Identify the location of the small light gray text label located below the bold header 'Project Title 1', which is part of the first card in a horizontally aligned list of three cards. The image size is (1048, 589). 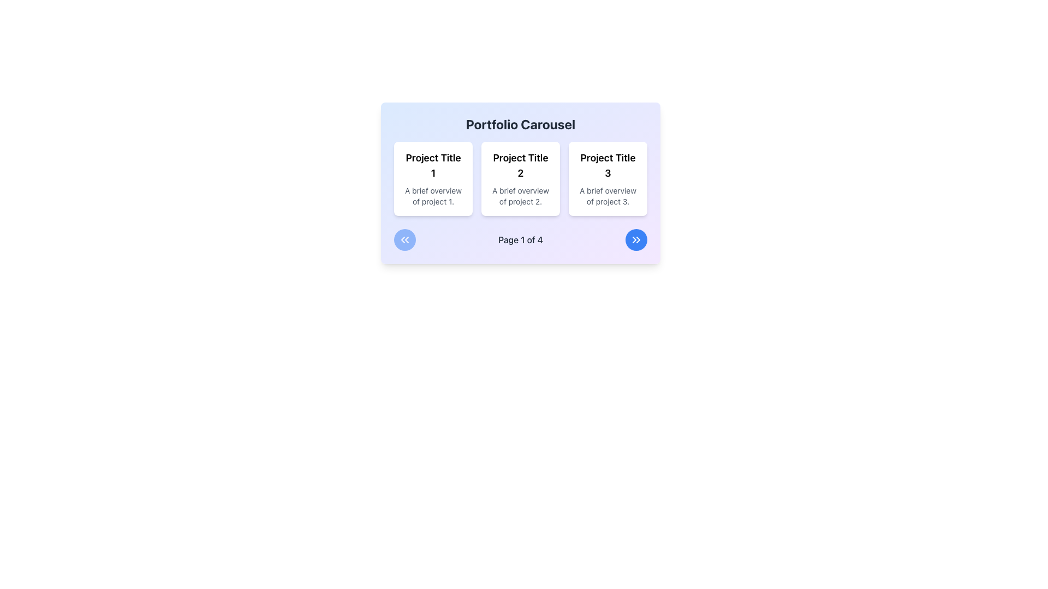
(432, 195).